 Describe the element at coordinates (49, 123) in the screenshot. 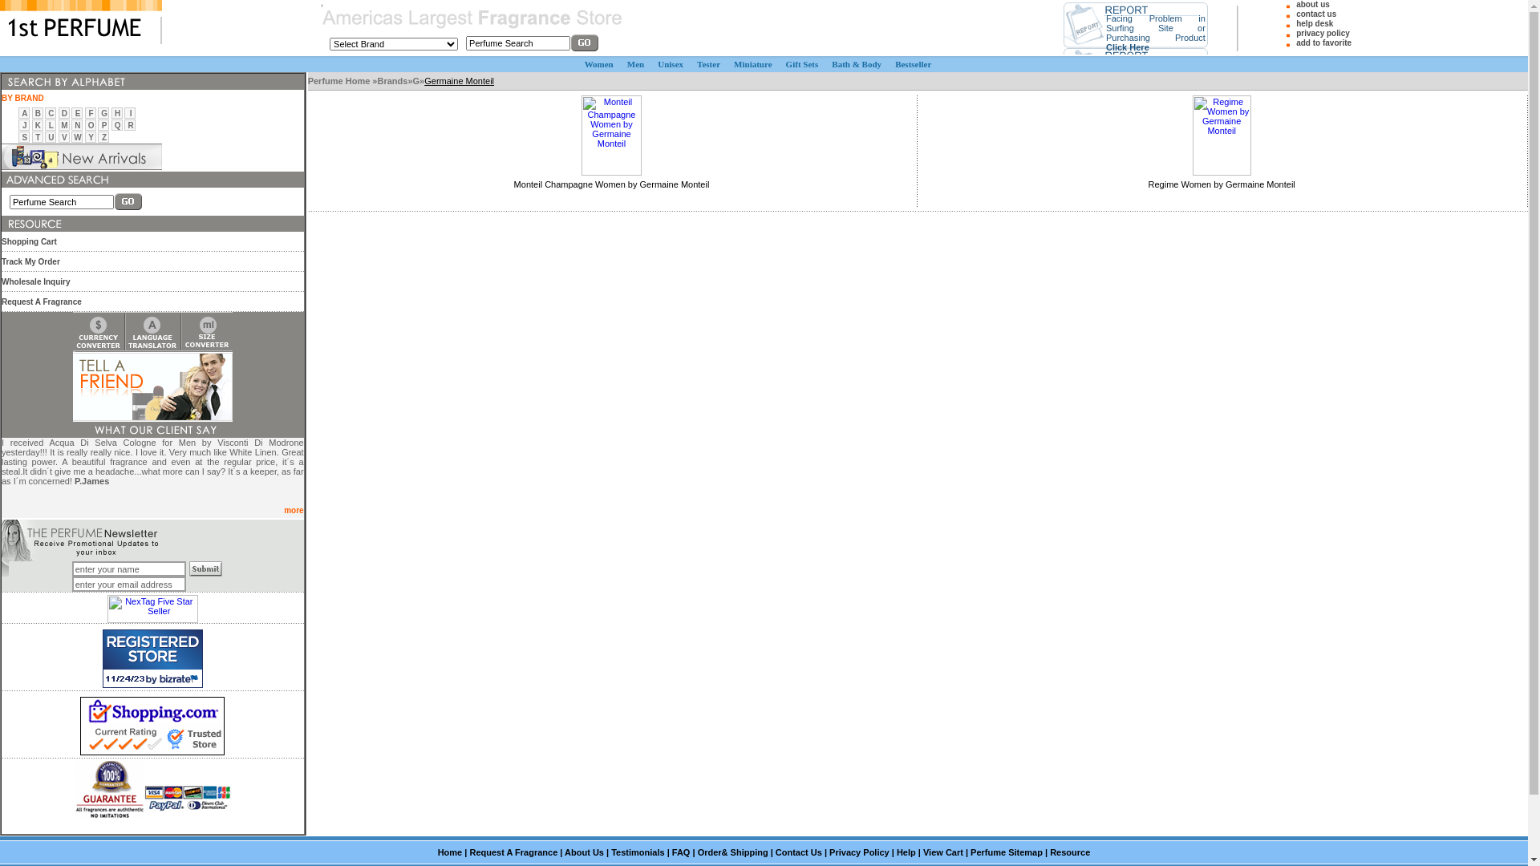

I see `'L'` at that location.